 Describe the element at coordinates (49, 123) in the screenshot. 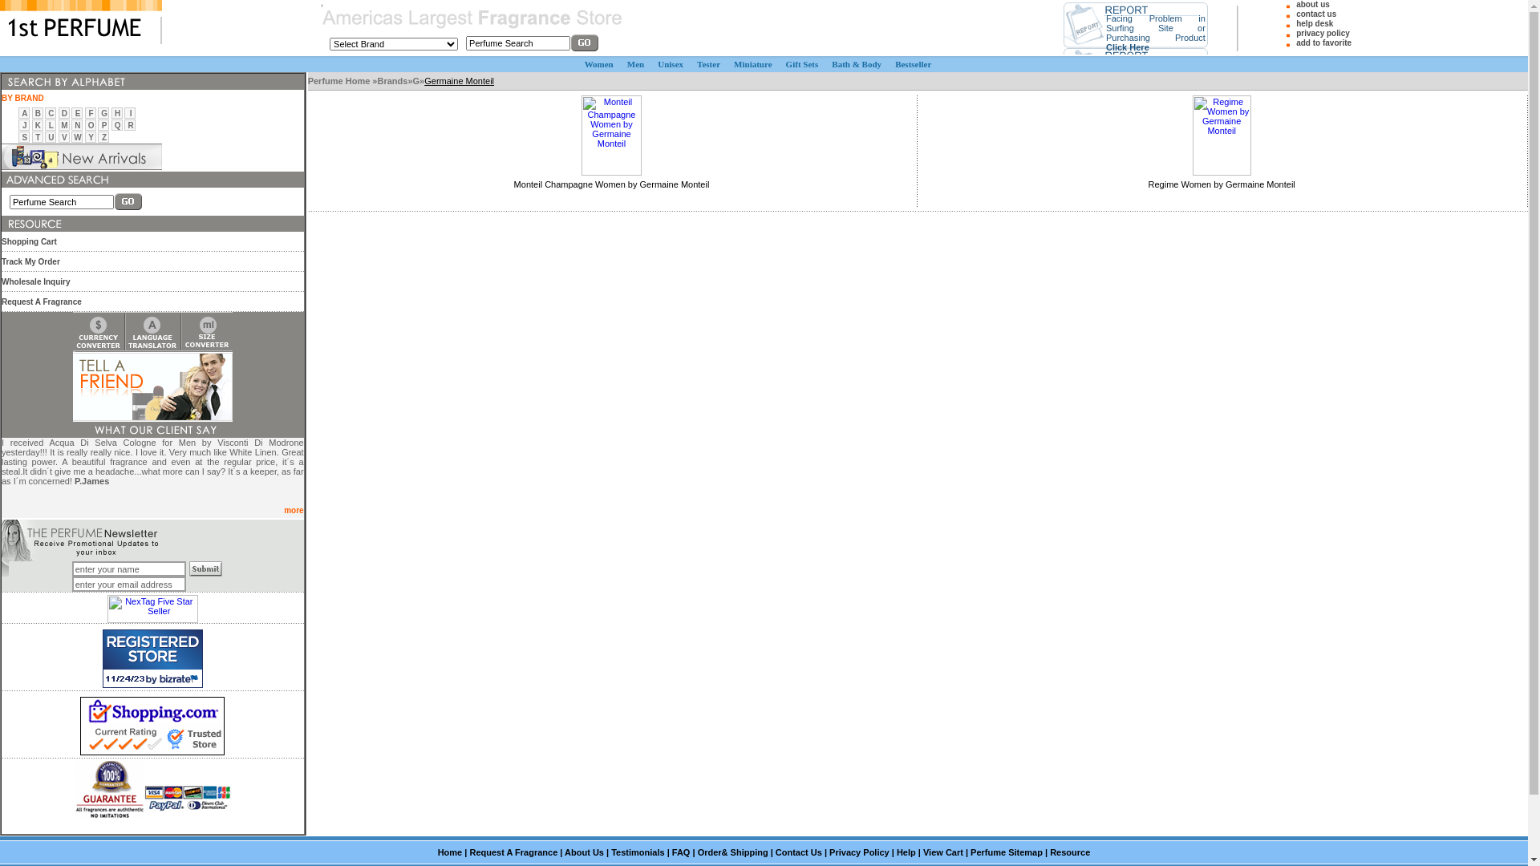

I see `'L'` at that location.